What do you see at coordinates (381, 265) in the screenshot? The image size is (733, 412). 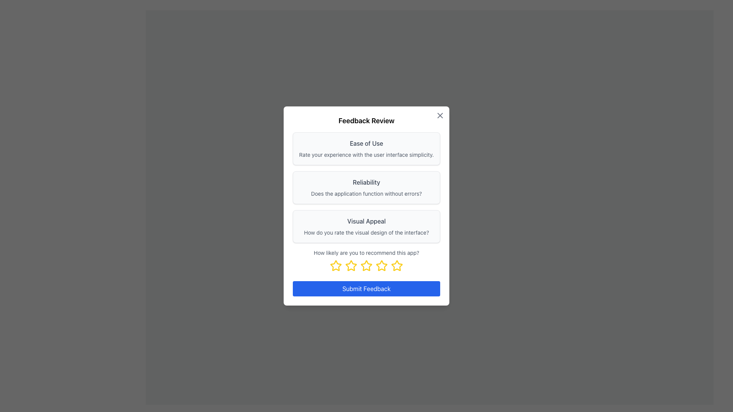 I see `the fourth star icon in the rating widget` at bounding box center [381, 265].